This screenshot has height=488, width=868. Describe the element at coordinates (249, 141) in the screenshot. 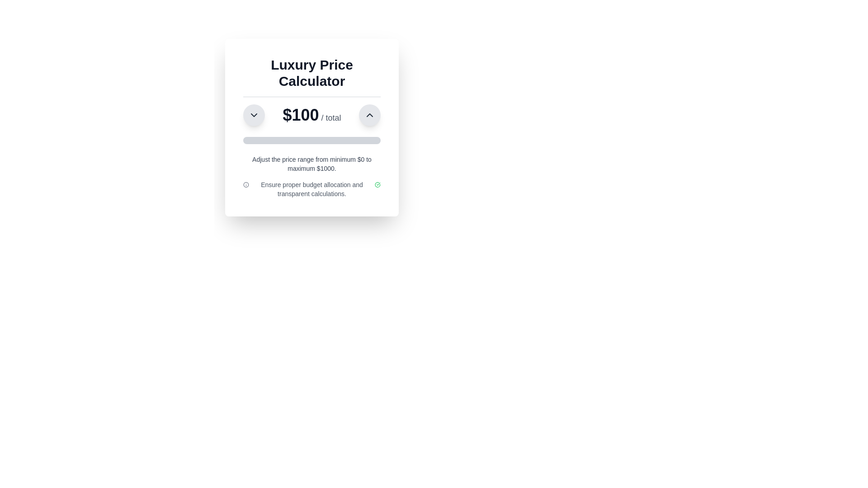

I see `the slider's value` at that location.